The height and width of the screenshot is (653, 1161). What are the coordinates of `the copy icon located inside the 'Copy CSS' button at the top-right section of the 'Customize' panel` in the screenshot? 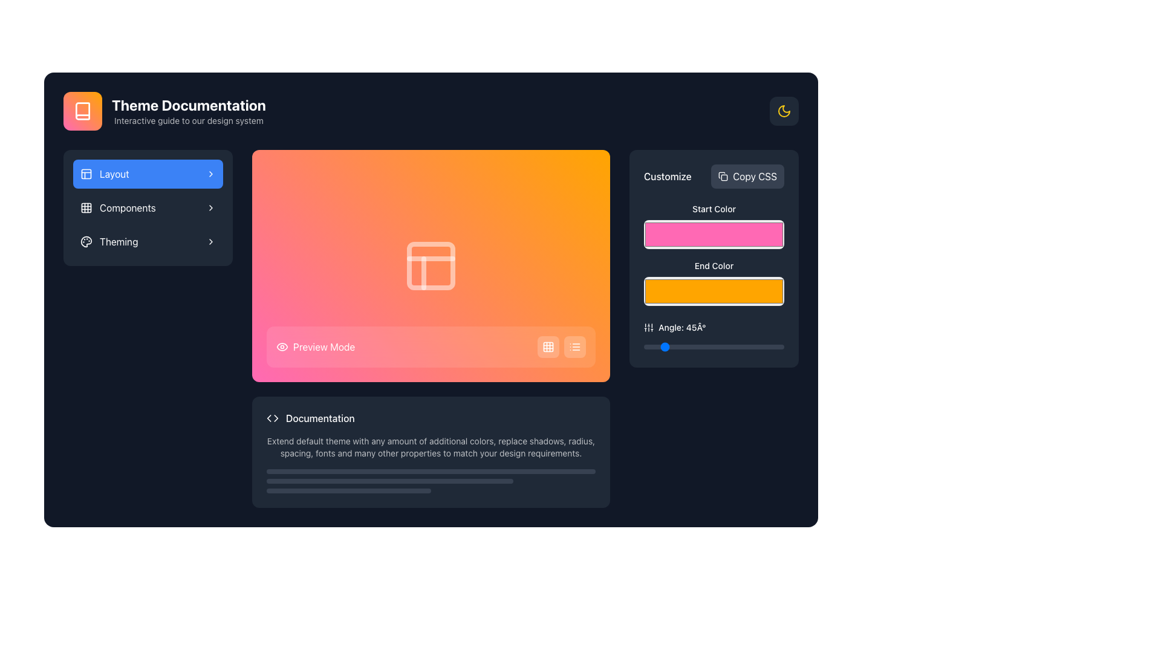 It's located at (723, 177).